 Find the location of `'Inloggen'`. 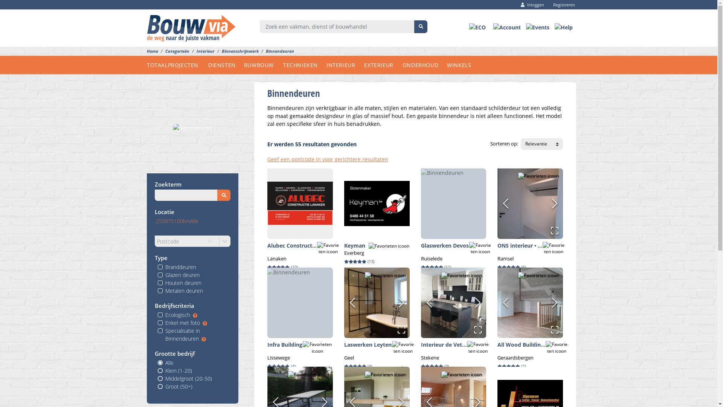

'Inloggen' is located at coordinates (532, 5).